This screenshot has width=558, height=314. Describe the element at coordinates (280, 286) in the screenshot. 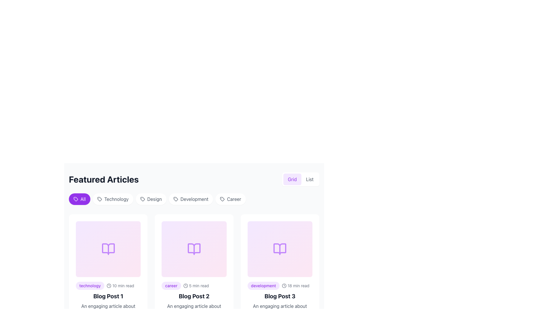

I see `displayed metadata information about the blog post category ('development') and estimated reading time ('18 min read') located in the Text and icon group component below the image of 'Blog Post 3'` at that location.